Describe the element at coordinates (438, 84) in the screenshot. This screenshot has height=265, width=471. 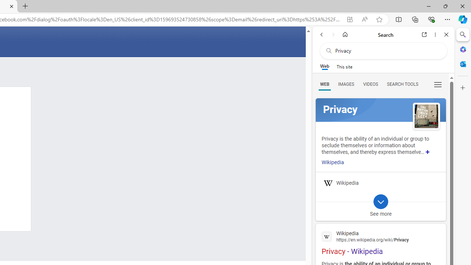
I see `'Preferences'` at that location.